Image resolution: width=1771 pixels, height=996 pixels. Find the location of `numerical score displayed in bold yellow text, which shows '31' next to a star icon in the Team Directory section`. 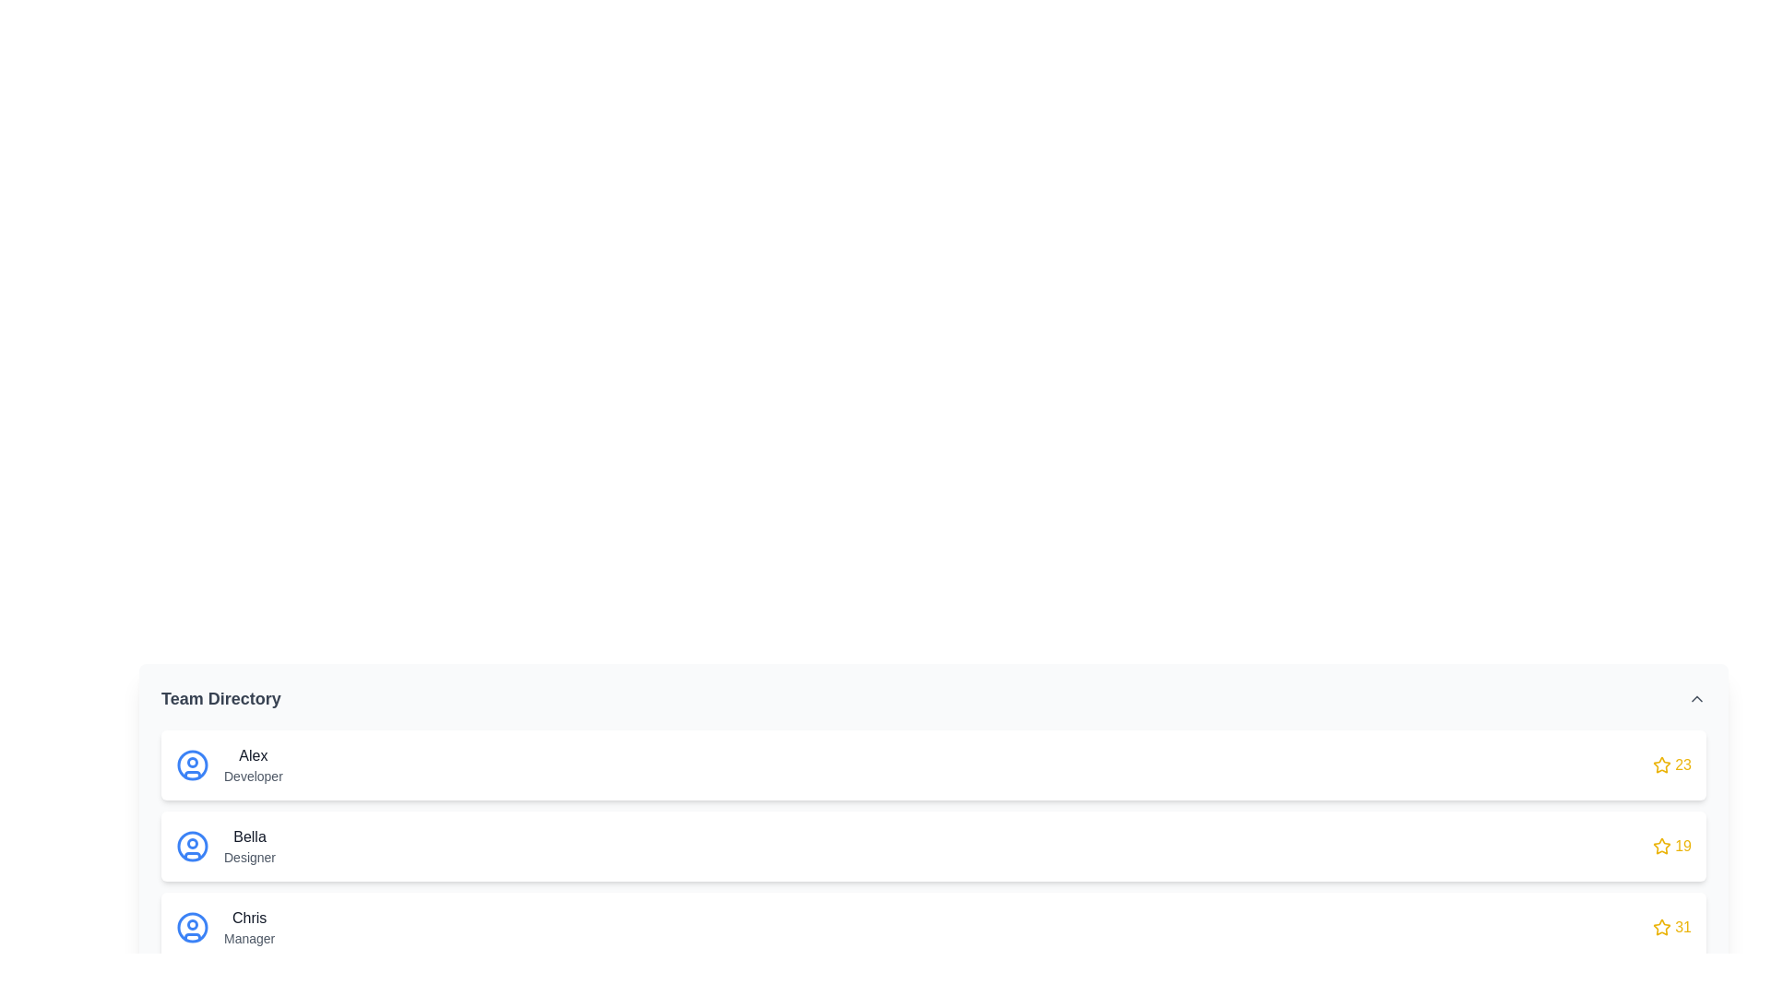

numerical score displayed in bold yellow text, which shows '31' next to a star icon in the Team Directory section is located at coordinates (1683, 928).